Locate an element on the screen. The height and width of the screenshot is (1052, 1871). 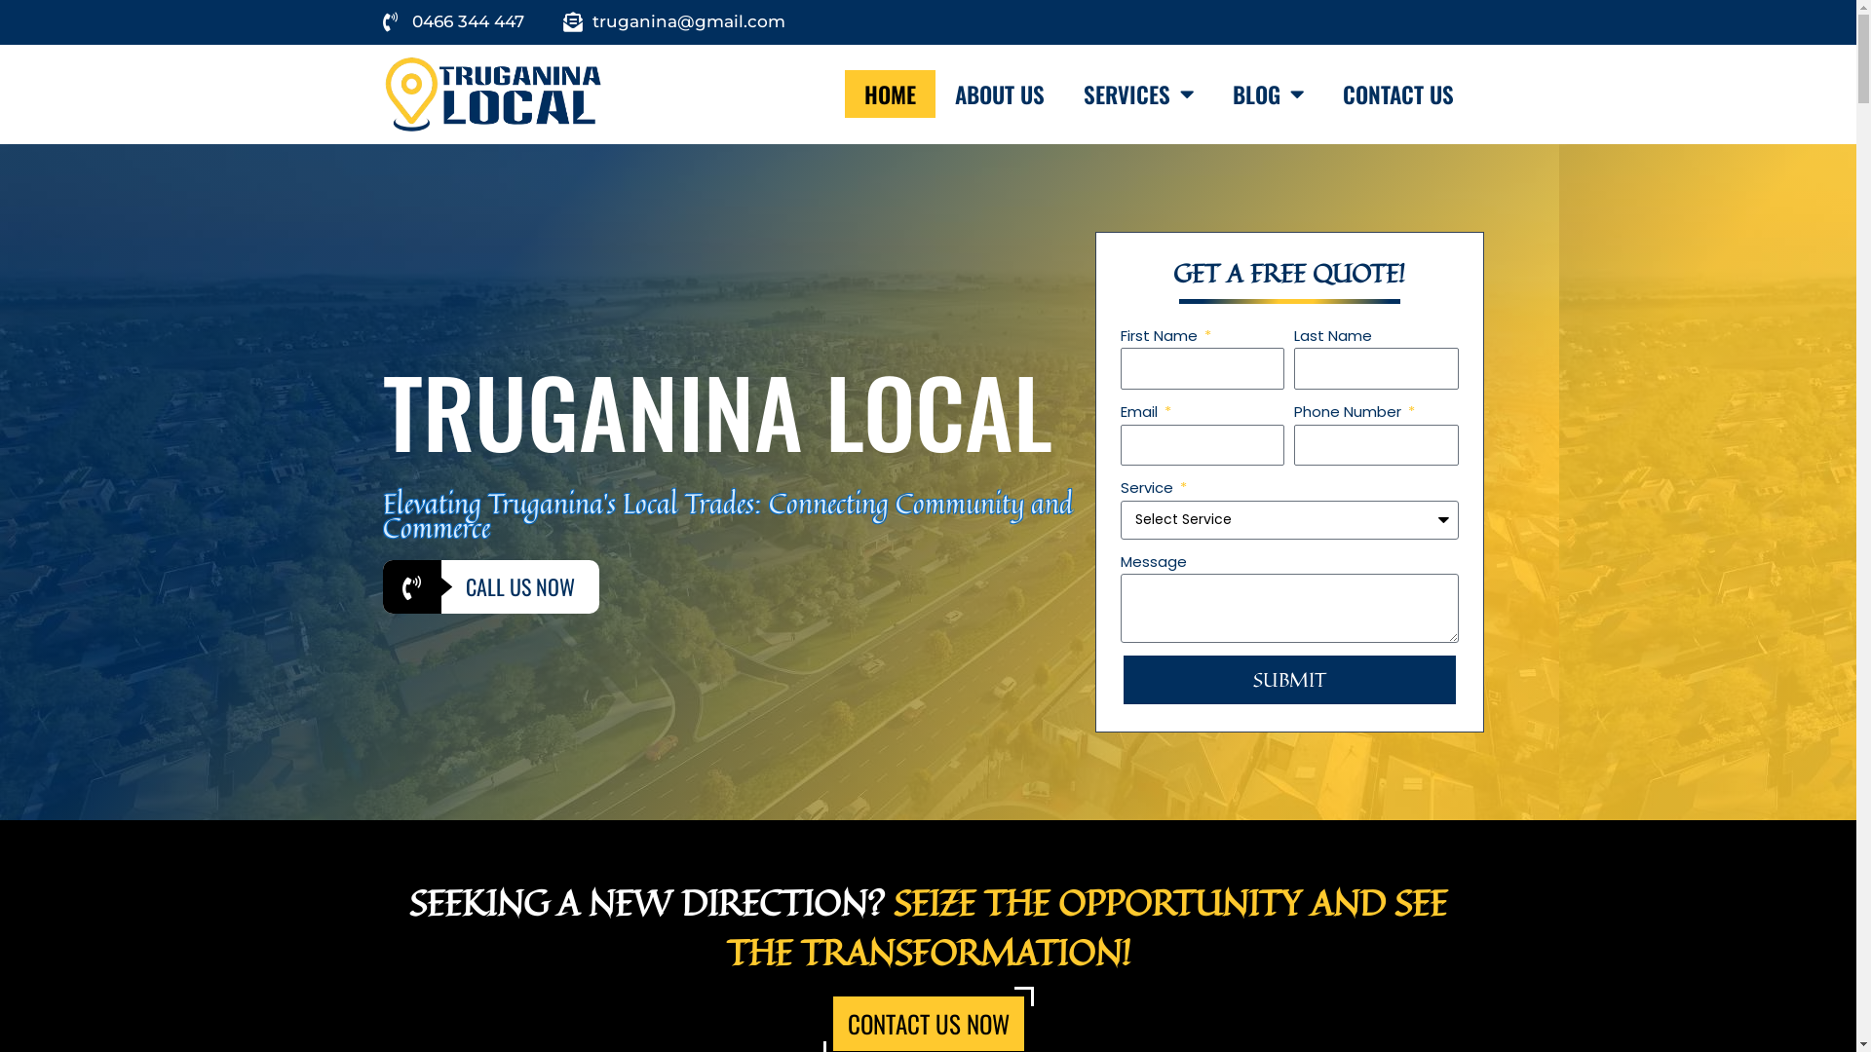
'HOME' is located at coordinates (845, 94).